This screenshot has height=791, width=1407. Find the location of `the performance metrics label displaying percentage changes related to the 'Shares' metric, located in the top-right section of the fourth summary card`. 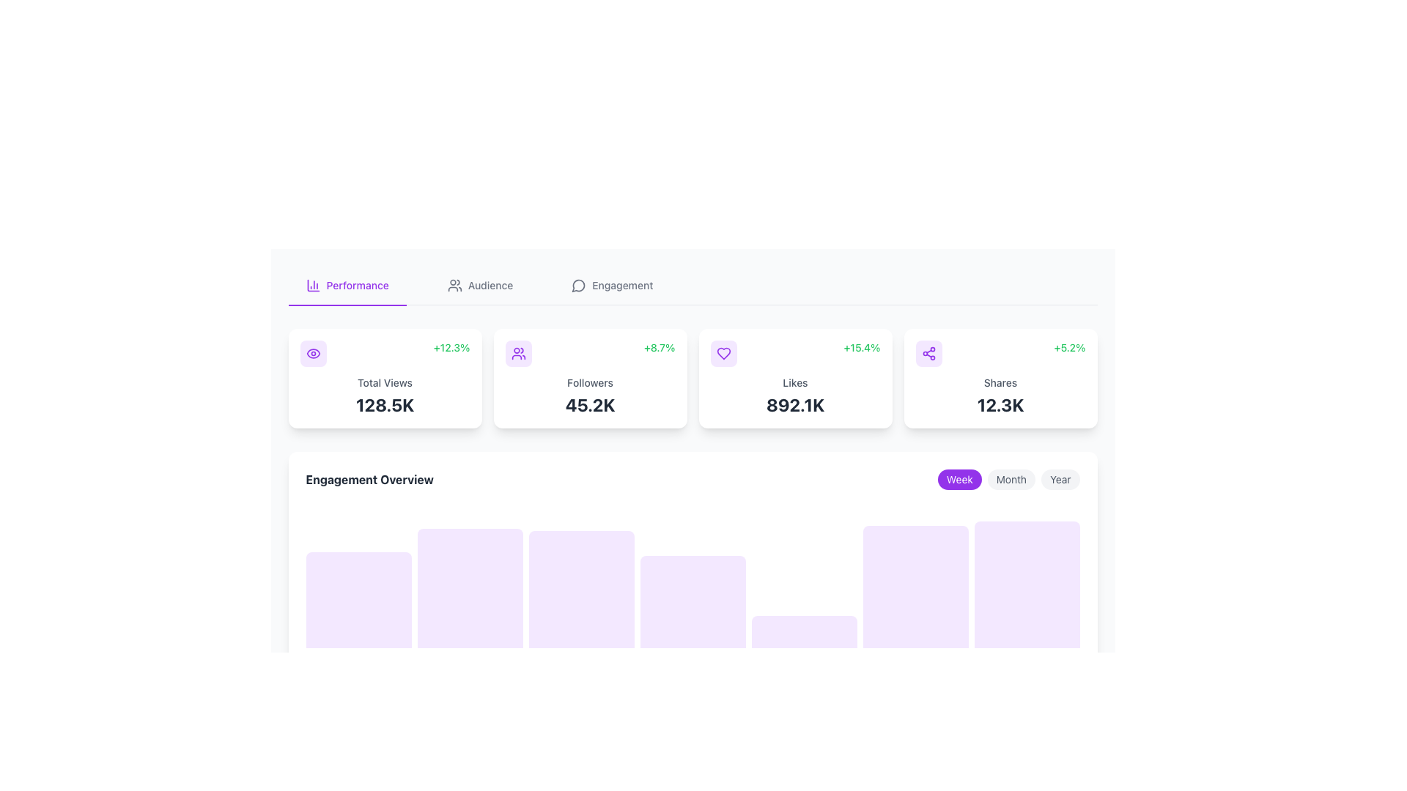

the performance metrics label displaying percentage changes related to the 'Shares' metric, located in the top-right section of the fourth summary card is located at coordinates (1069, 347).